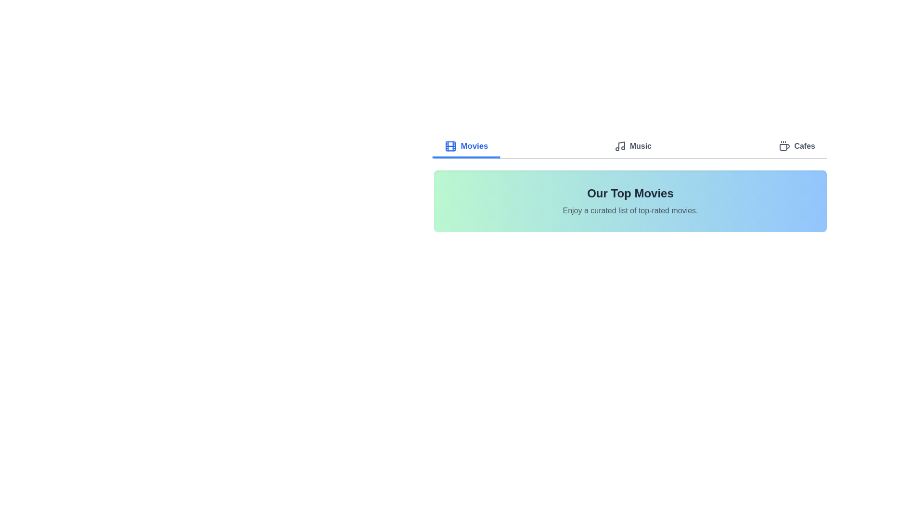 The width and height of the screenshot is (924, 520). I want to click on the Cafes tab, so click(797, 147).